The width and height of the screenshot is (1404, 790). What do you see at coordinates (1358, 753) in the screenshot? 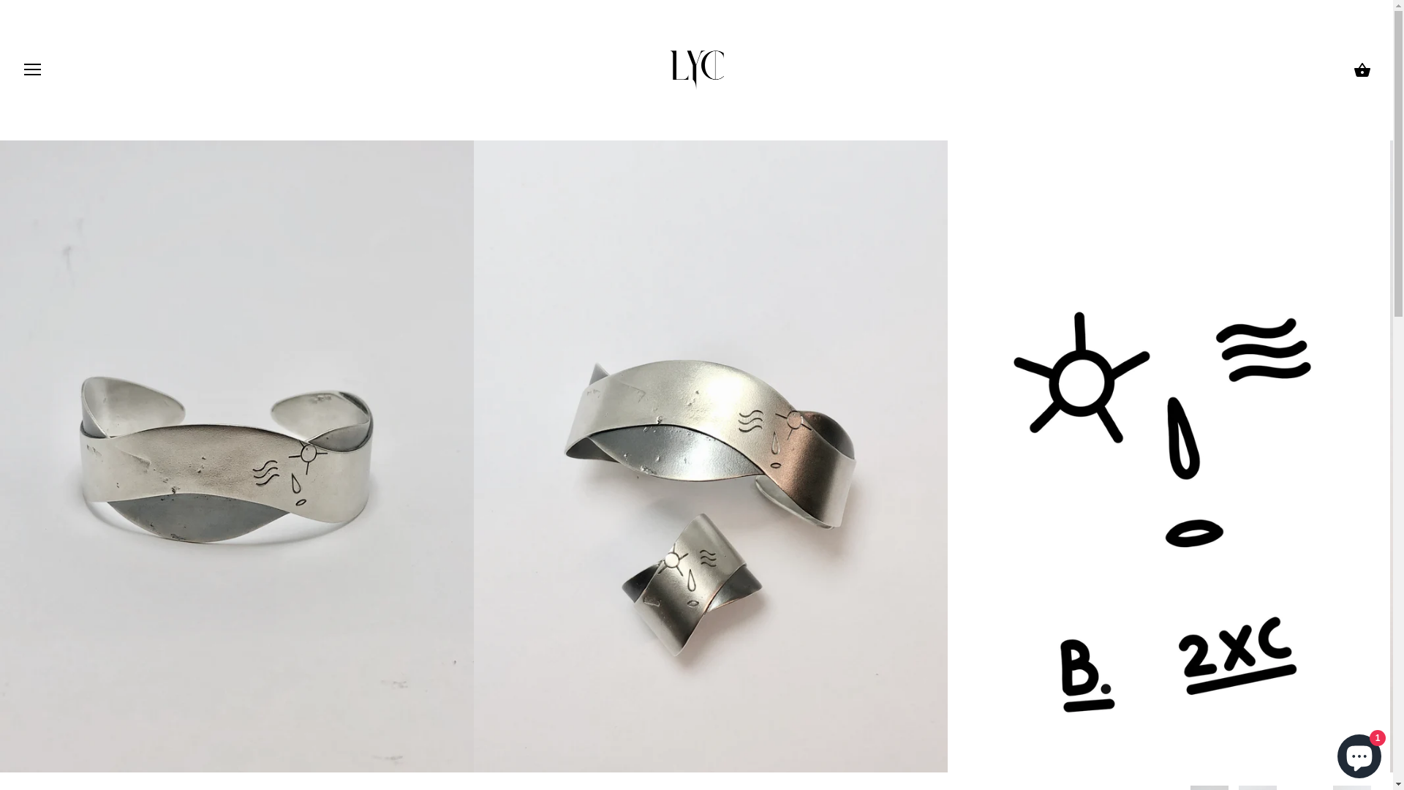
I see `'Chat de la boutique en ligne Shopify'` at bounding box center [1358, 753].